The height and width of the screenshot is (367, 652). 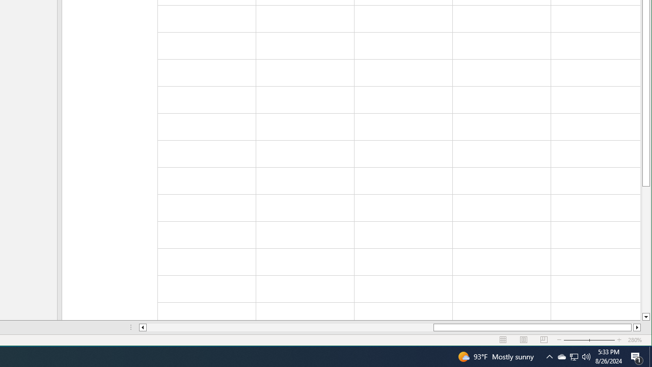 What do you see at coordinates (561, 356) in the screenshot?
I see `'Q2790: 100%'` at bounding box center [561, 356].